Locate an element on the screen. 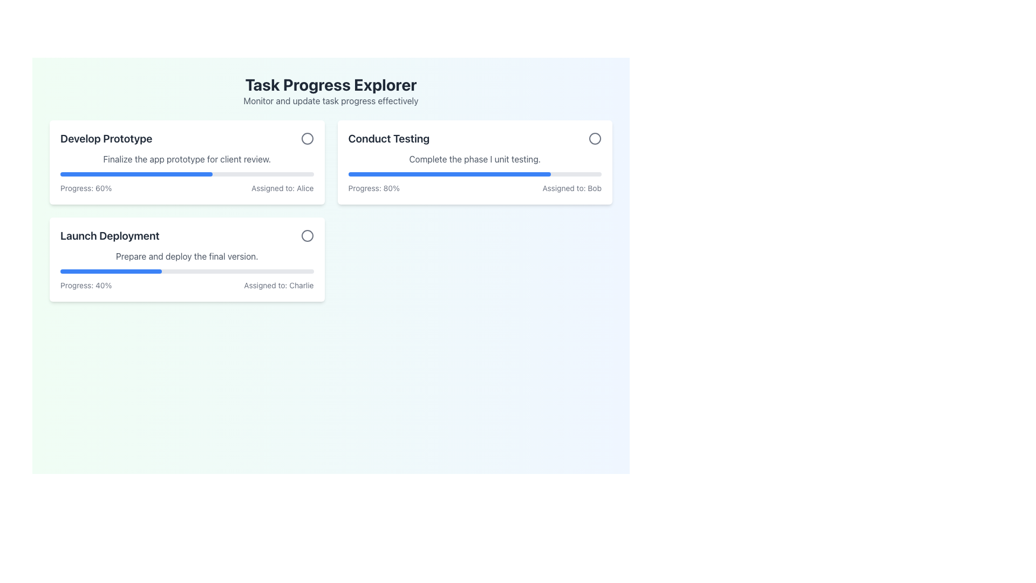 This screenshot has height=583, width=1036. the circular icon with a gray outline located in the upper-right corner of the 'Conduct Testing' card to interact with it is located at coordinates (595, 138).